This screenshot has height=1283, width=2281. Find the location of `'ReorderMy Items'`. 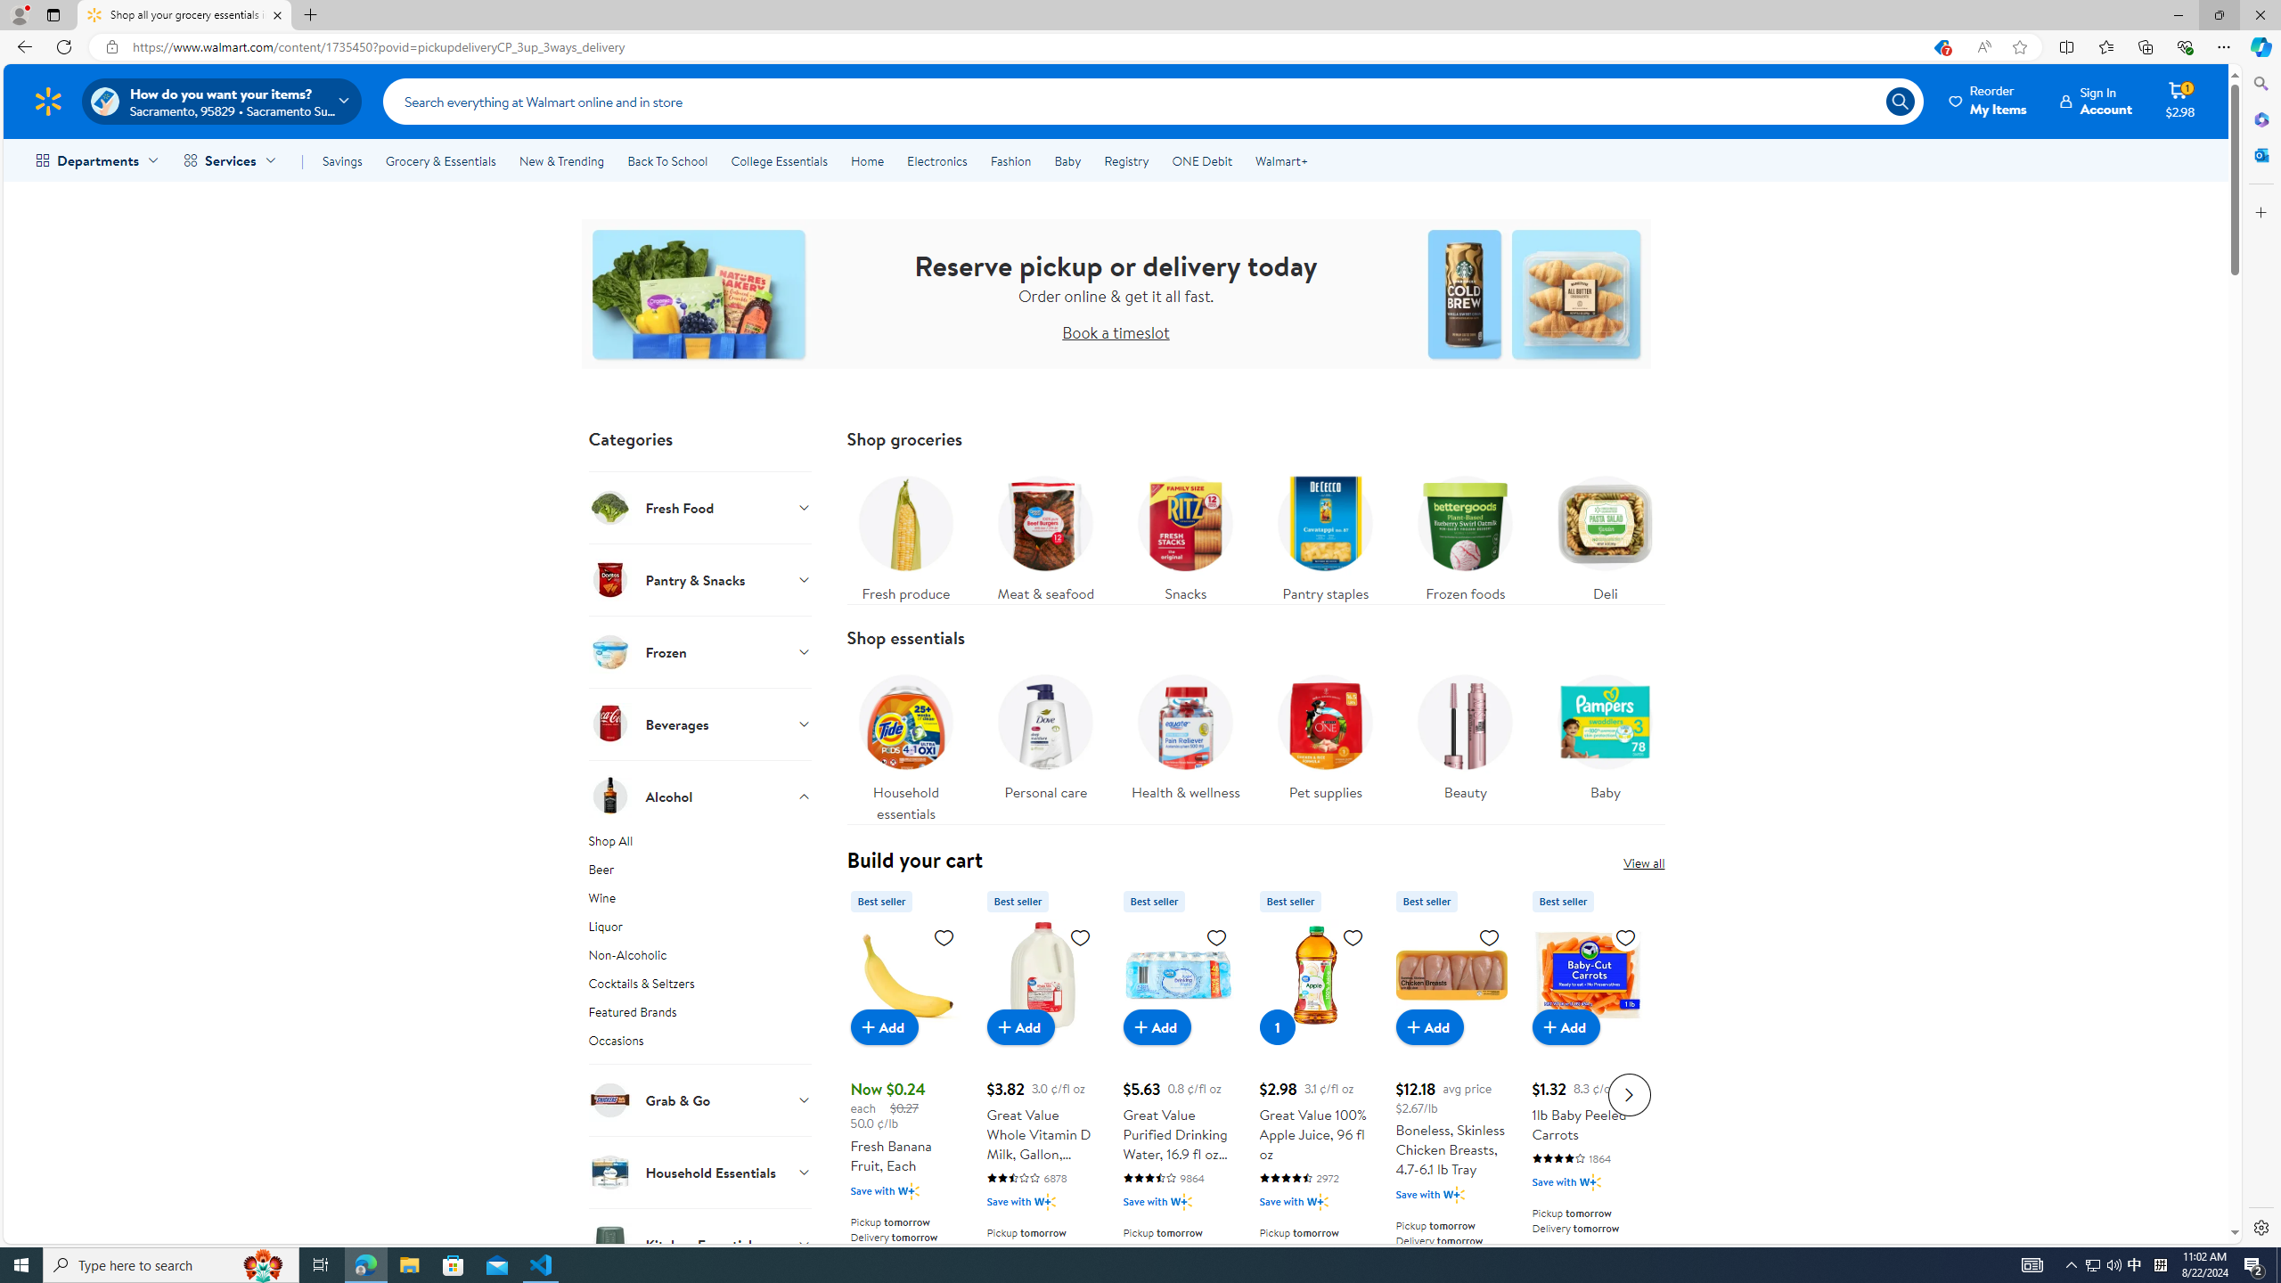

'ReorderMy Items' is located at coordinates (1988, 100).